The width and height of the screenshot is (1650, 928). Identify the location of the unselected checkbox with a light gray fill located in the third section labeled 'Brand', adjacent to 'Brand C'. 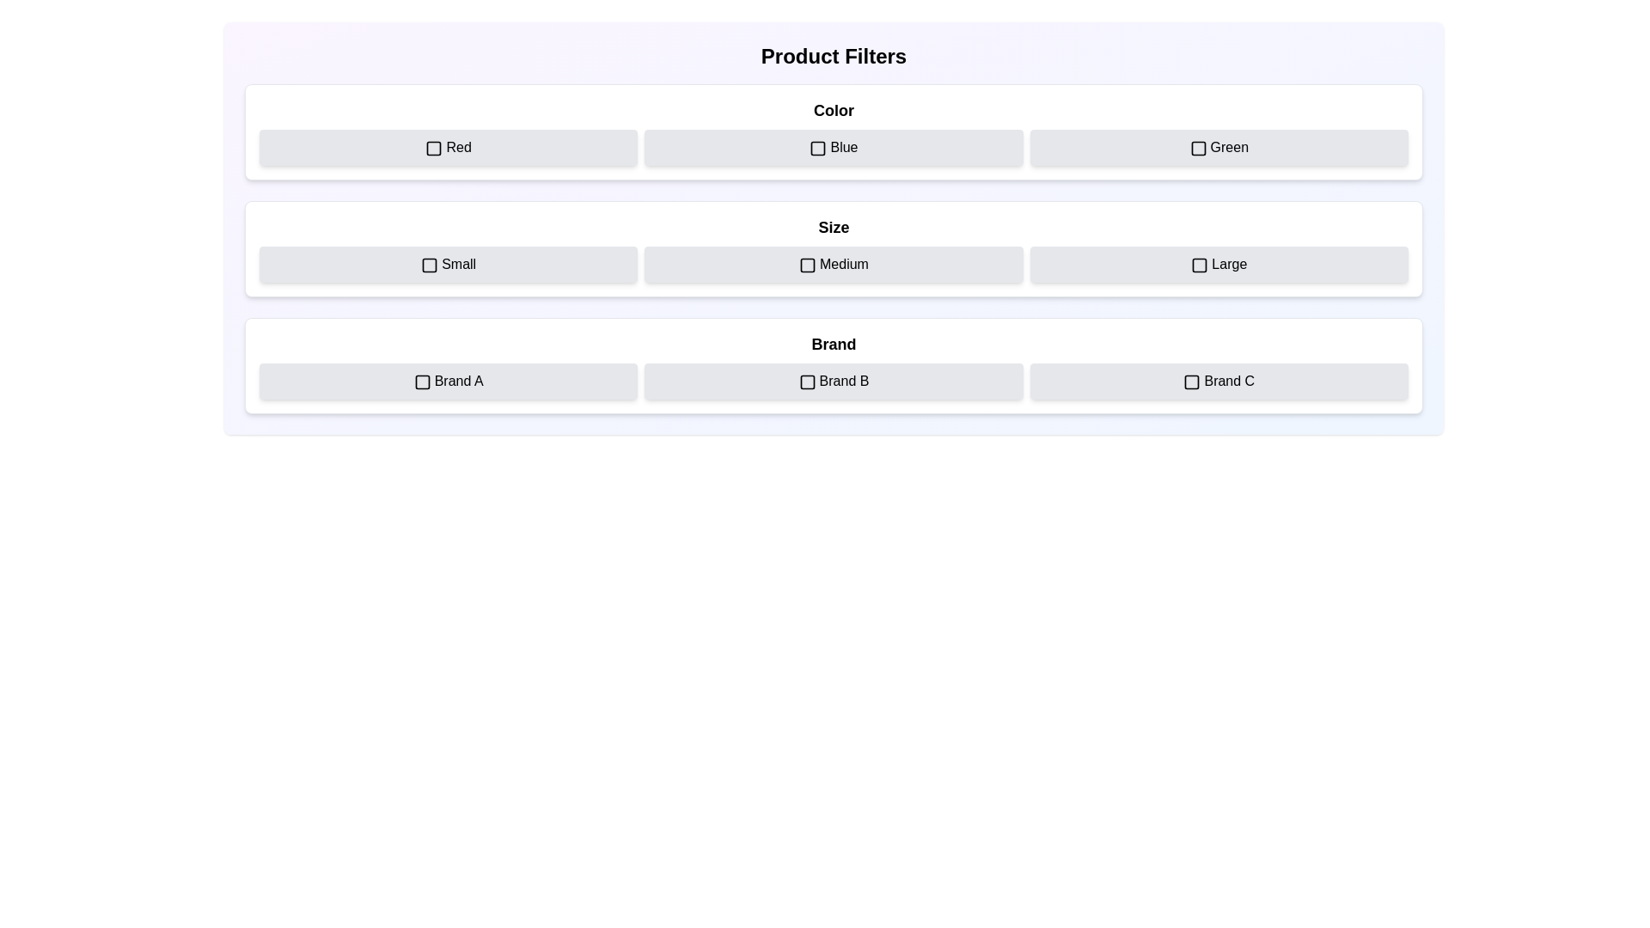
(1191, 381).